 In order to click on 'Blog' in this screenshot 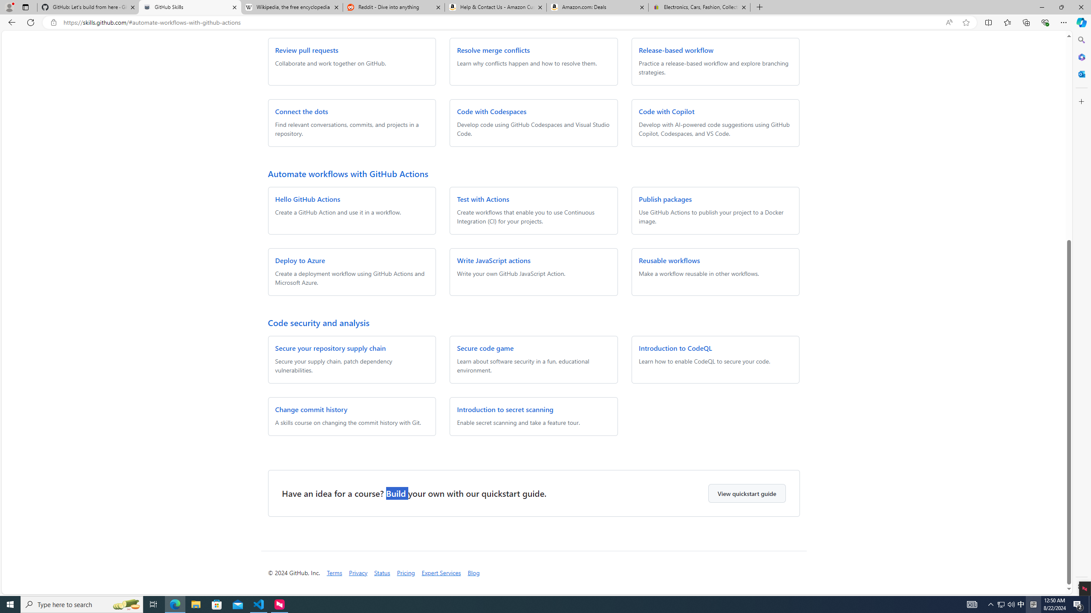, I will do `click(474, 572)`.